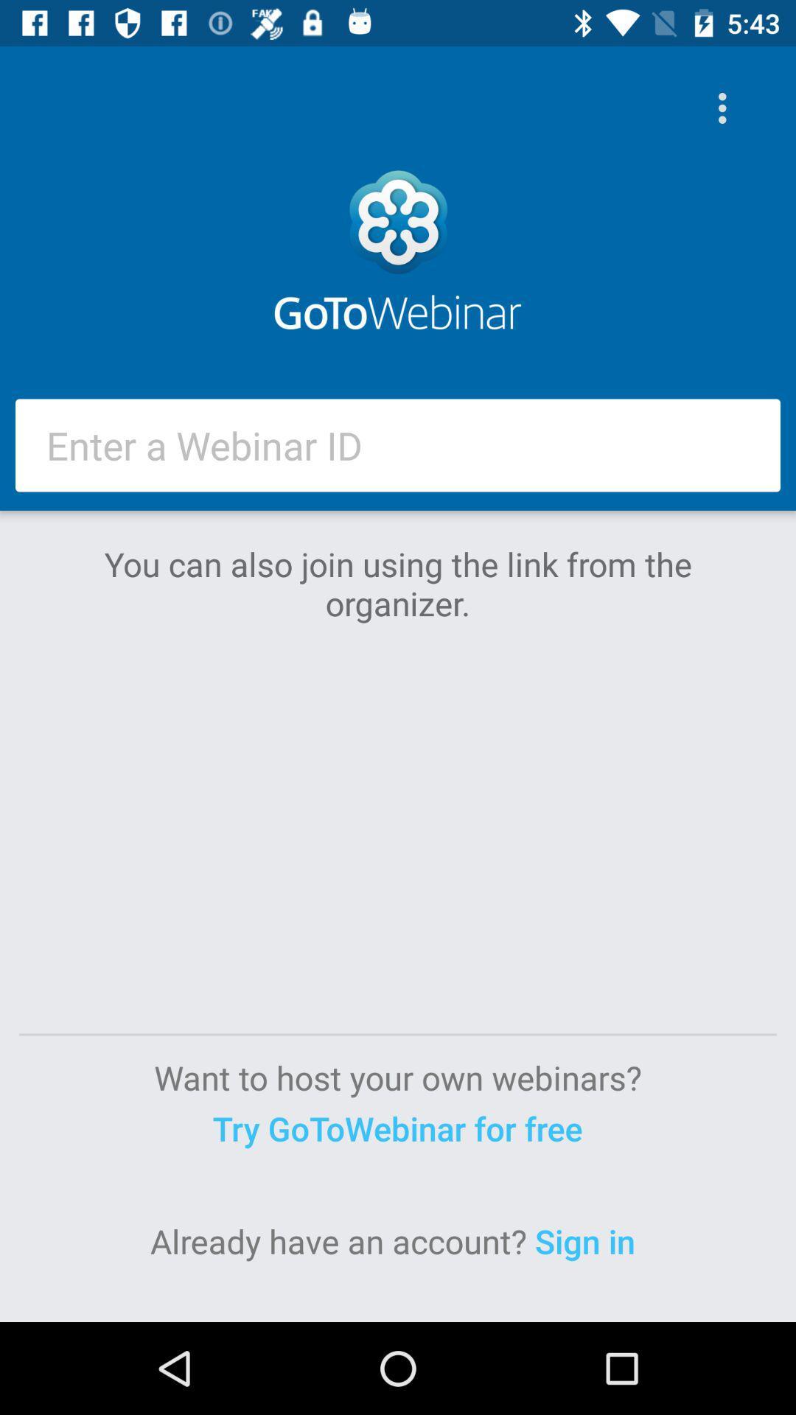 Image resolution: width=796 pixels, height=1415 pixels. Describe the element at coordinates (589, 1240) in the screenshot. I see `the item next to the already have an` at that location.